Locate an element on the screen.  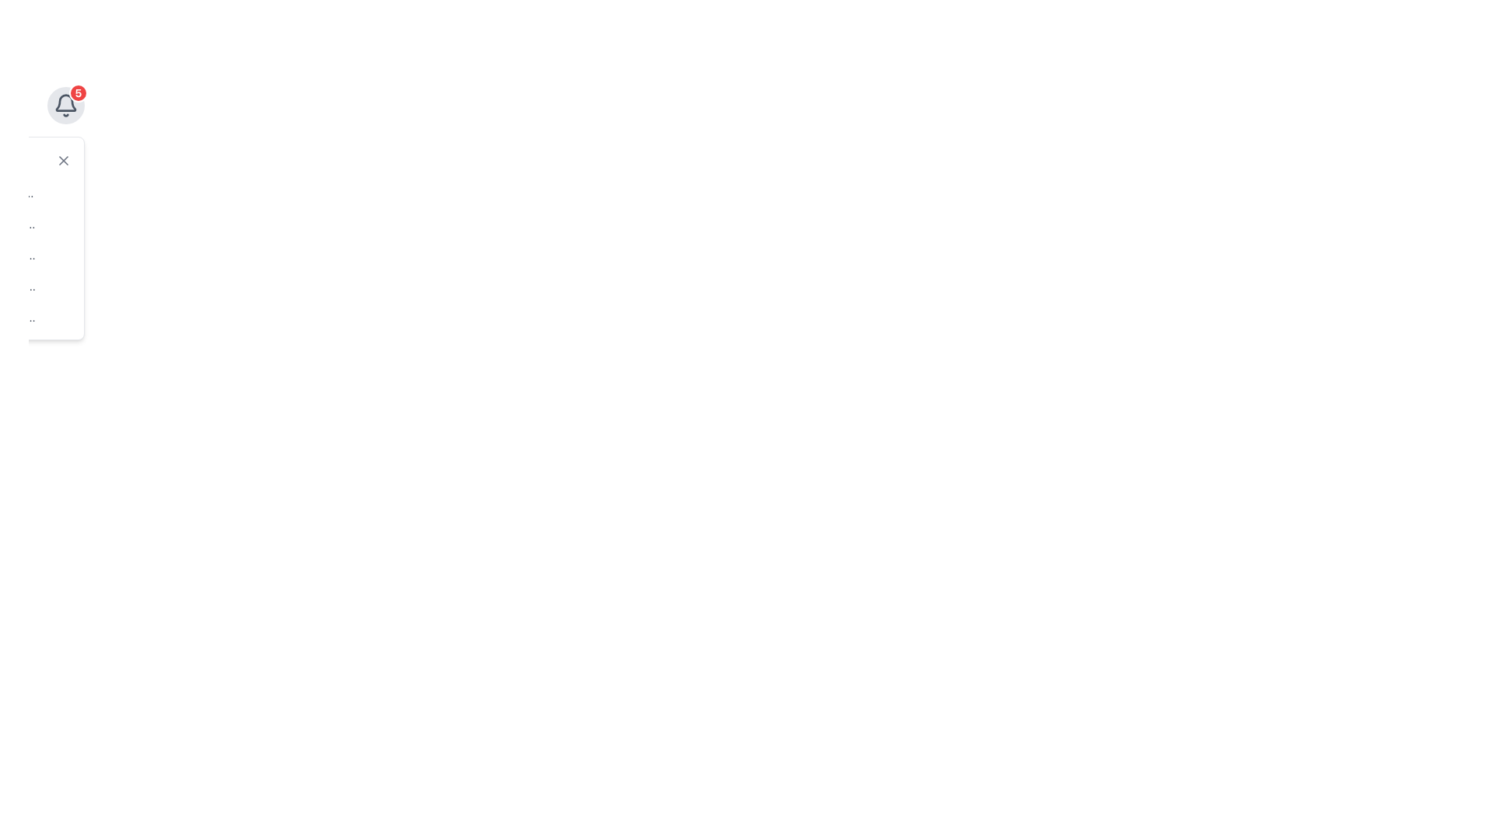
the close icon button located in the top-left corner of the dropdown or modal is located at coordinates (62, 161).